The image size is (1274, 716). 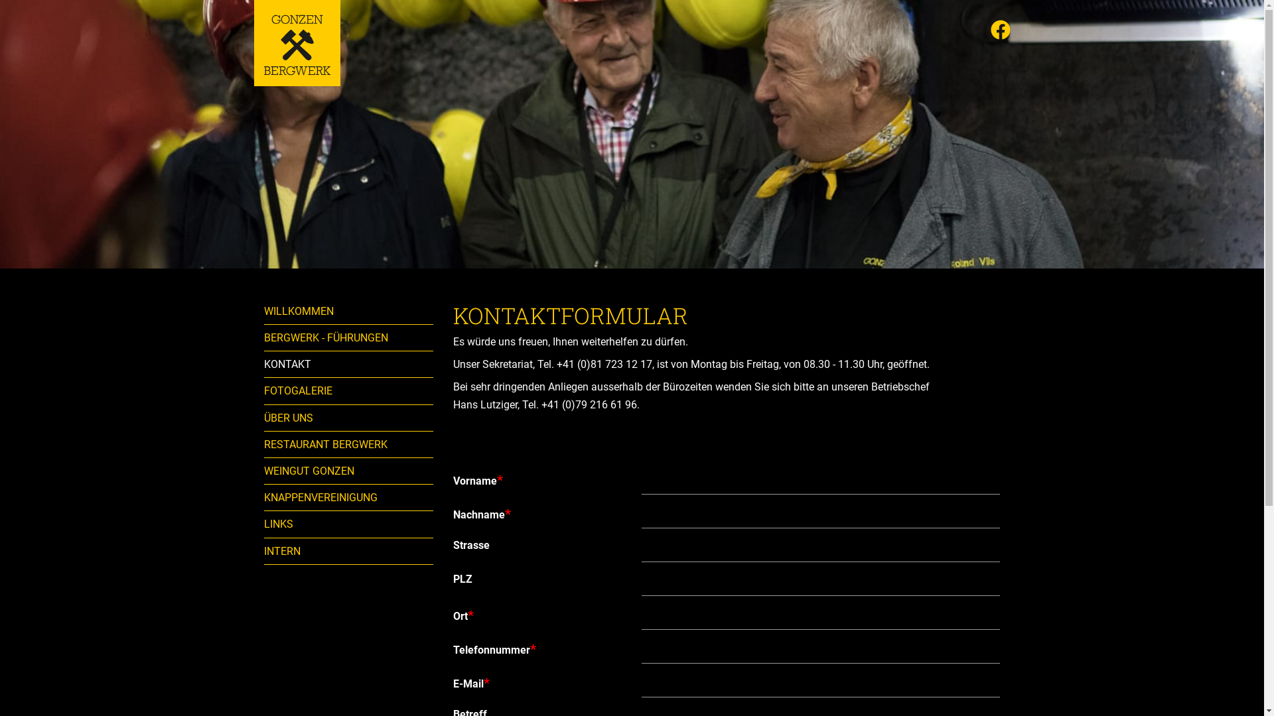 What do you see at coordinates (348, 551) in the screenshot?
I see `'INTERN'` at bounding box center [348, 551].